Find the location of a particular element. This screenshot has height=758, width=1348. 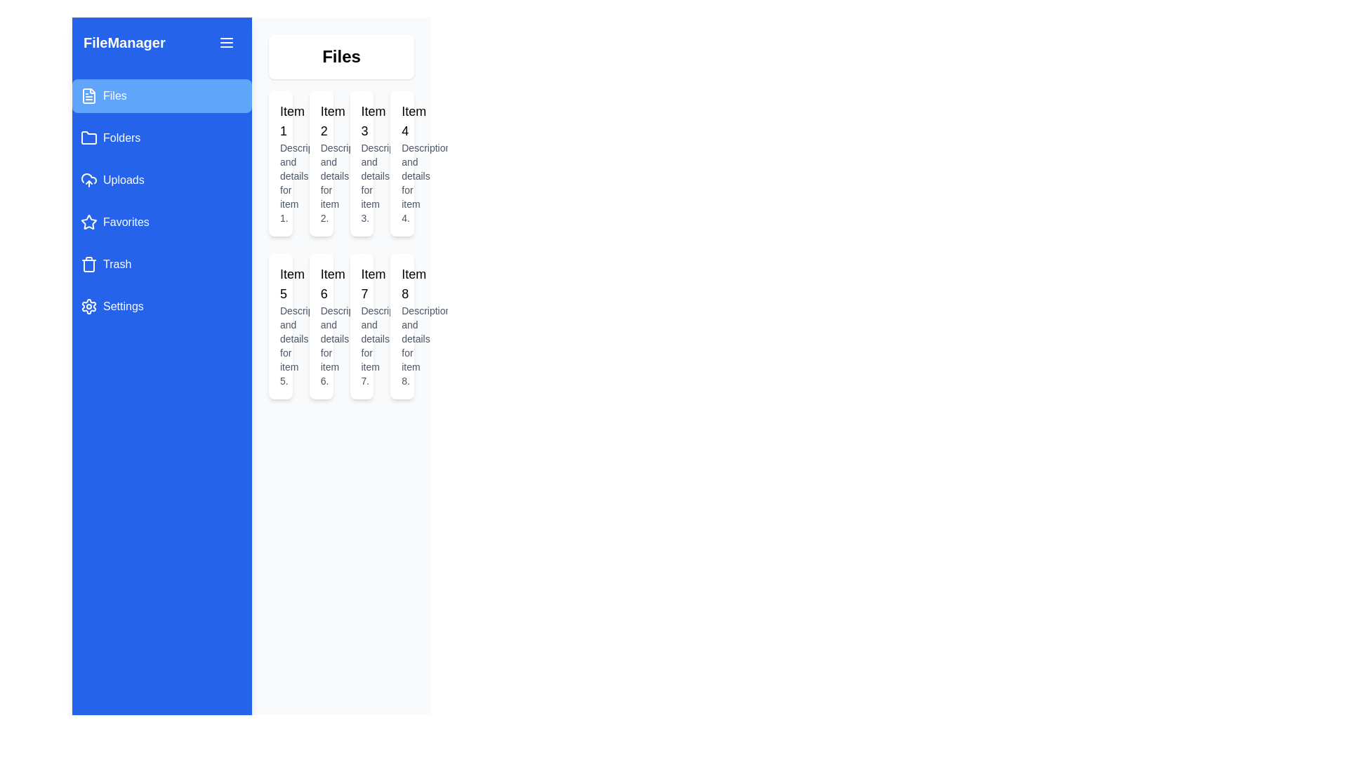

text from the title label 'Item 3' which is located at the top of the third card in the second column of a grid layout is located at coordinates (362, 121).